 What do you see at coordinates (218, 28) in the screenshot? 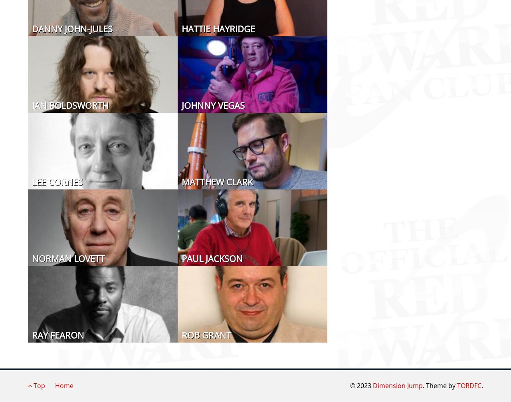
I see `'Hattie Hayridge'` at bounding box center [218, 28].